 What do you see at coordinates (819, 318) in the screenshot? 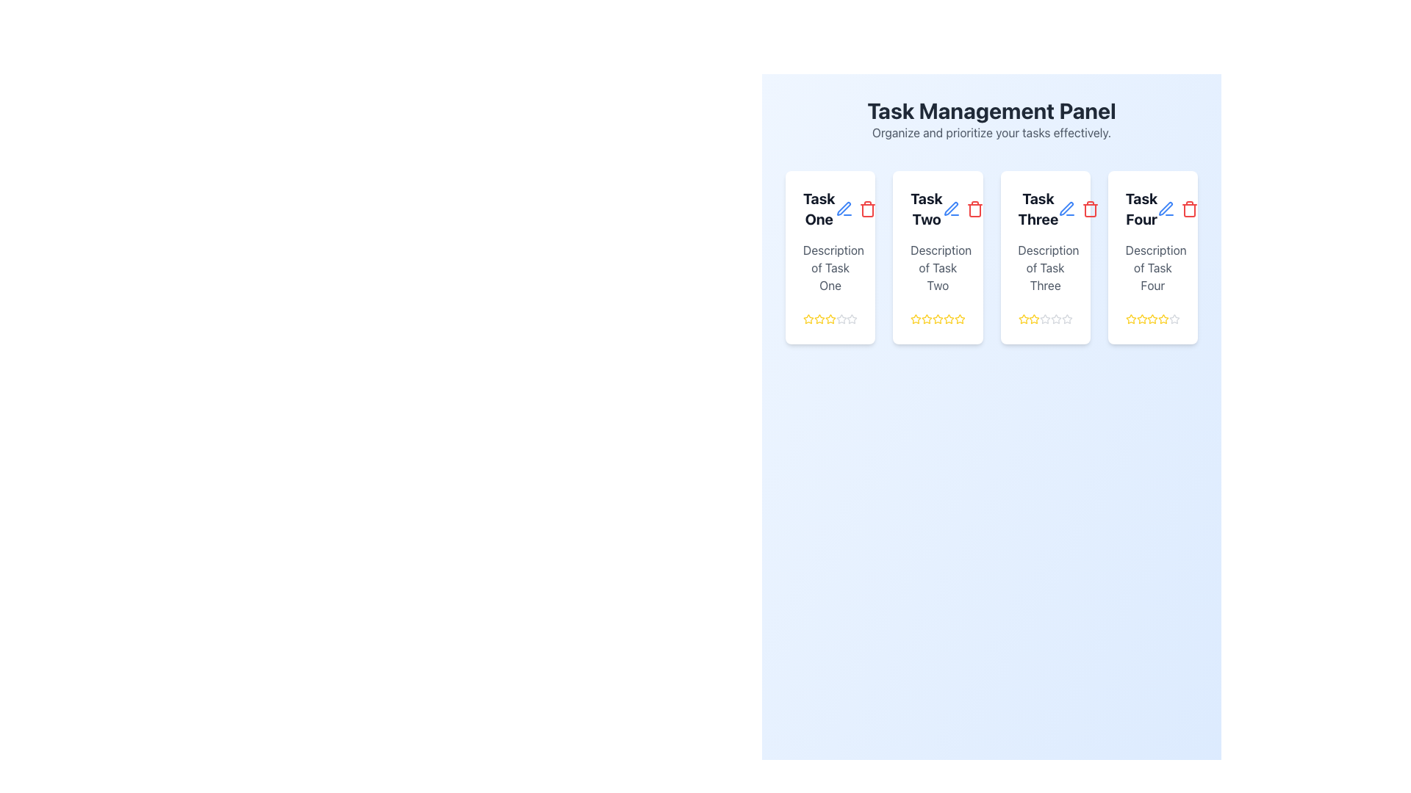
I see `the yellow star-shaped icon located at the bottom of the first task card, which is part of a horizontal row of star icons used for rating` at bounding box center [819, 318].